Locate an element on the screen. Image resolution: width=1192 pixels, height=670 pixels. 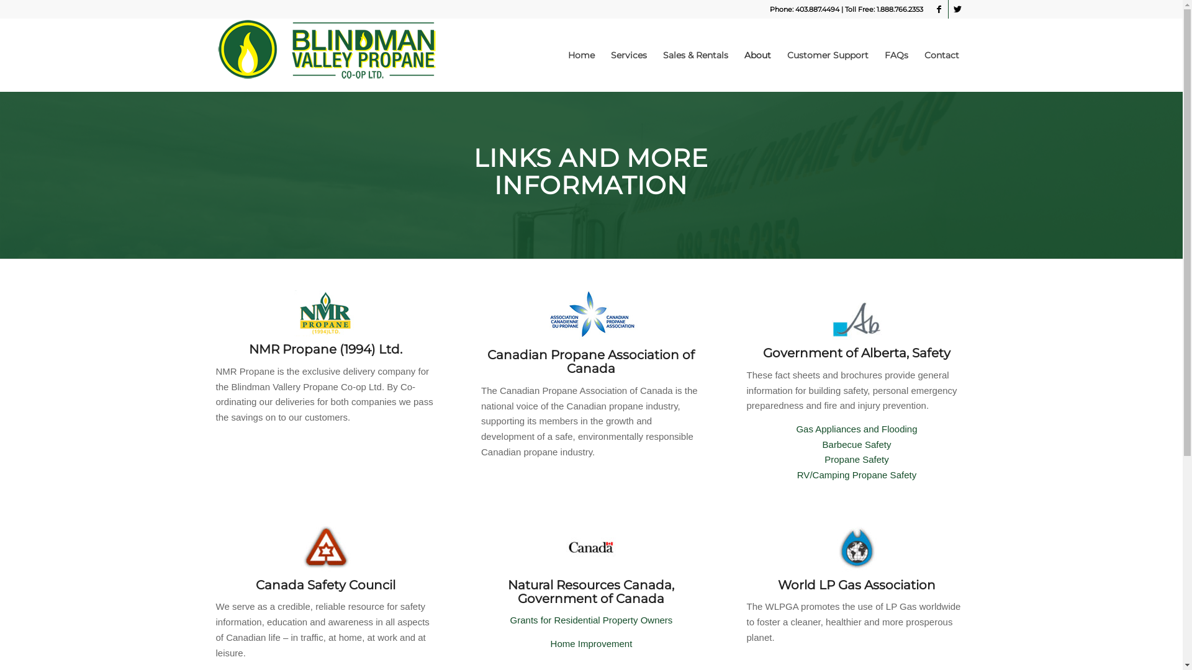
'FAQs' is located at coordinates (896, 54).